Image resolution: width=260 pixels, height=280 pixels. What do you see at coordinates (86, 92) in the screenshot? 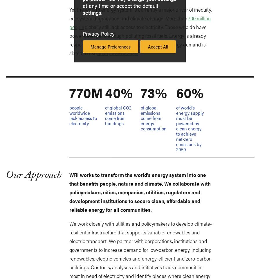
I see `'770M'` at bounding box center [86, 92].